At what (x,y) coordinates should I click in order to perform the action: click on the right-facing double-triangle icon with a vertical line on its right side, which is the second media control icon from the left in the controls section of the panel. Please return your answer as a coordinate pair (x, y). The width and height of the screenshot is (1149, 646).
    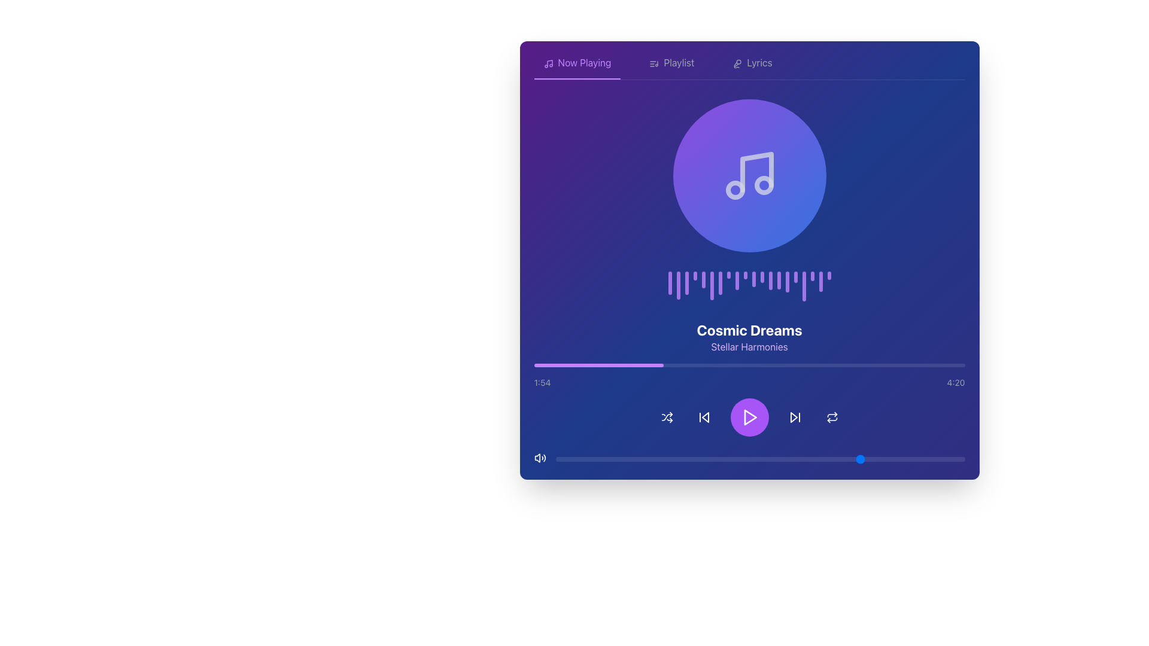
    Looking at the image, I should click on (795, 417).